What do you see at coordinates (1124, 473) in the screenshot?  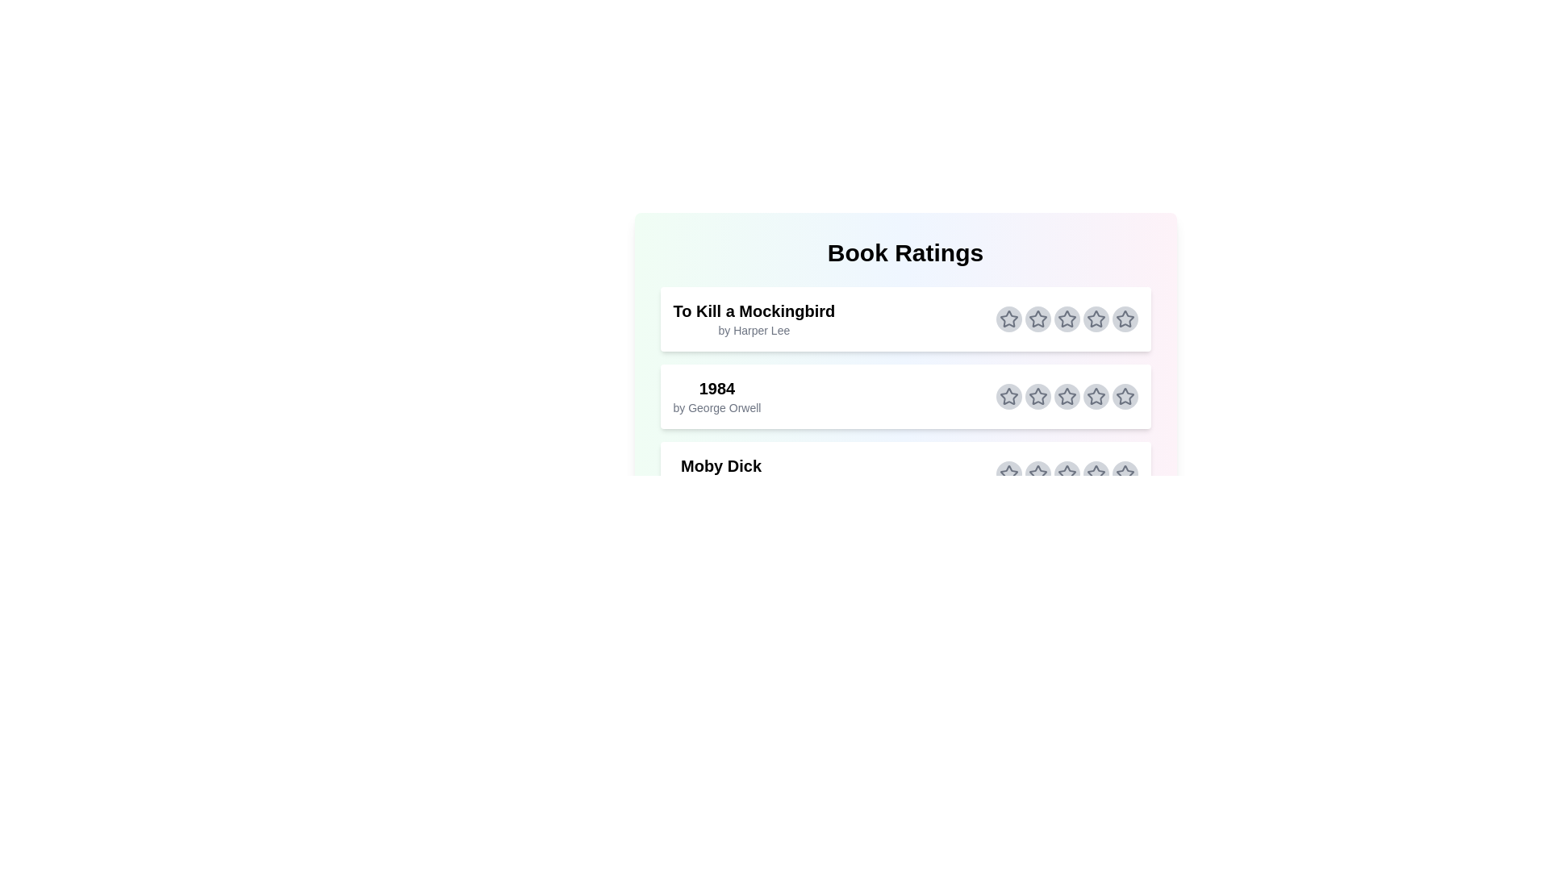 I see `the star corresponding to 5 stars for the book titled Moby Dick` at bounding box center [1124, 473].